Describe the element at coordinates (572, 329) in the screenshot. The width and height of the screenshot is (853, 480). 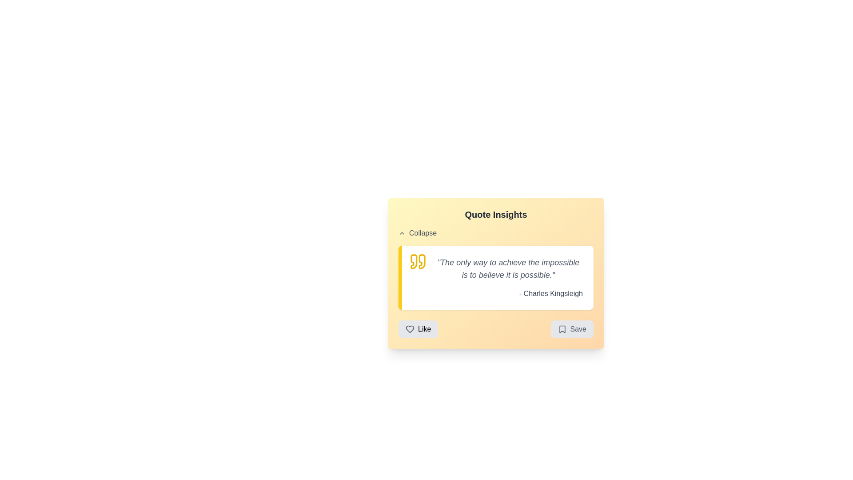
I see `the 'Save' button located in the bottom-right corner of the 'Quote Insights' card to observe the hover effect` at that location.